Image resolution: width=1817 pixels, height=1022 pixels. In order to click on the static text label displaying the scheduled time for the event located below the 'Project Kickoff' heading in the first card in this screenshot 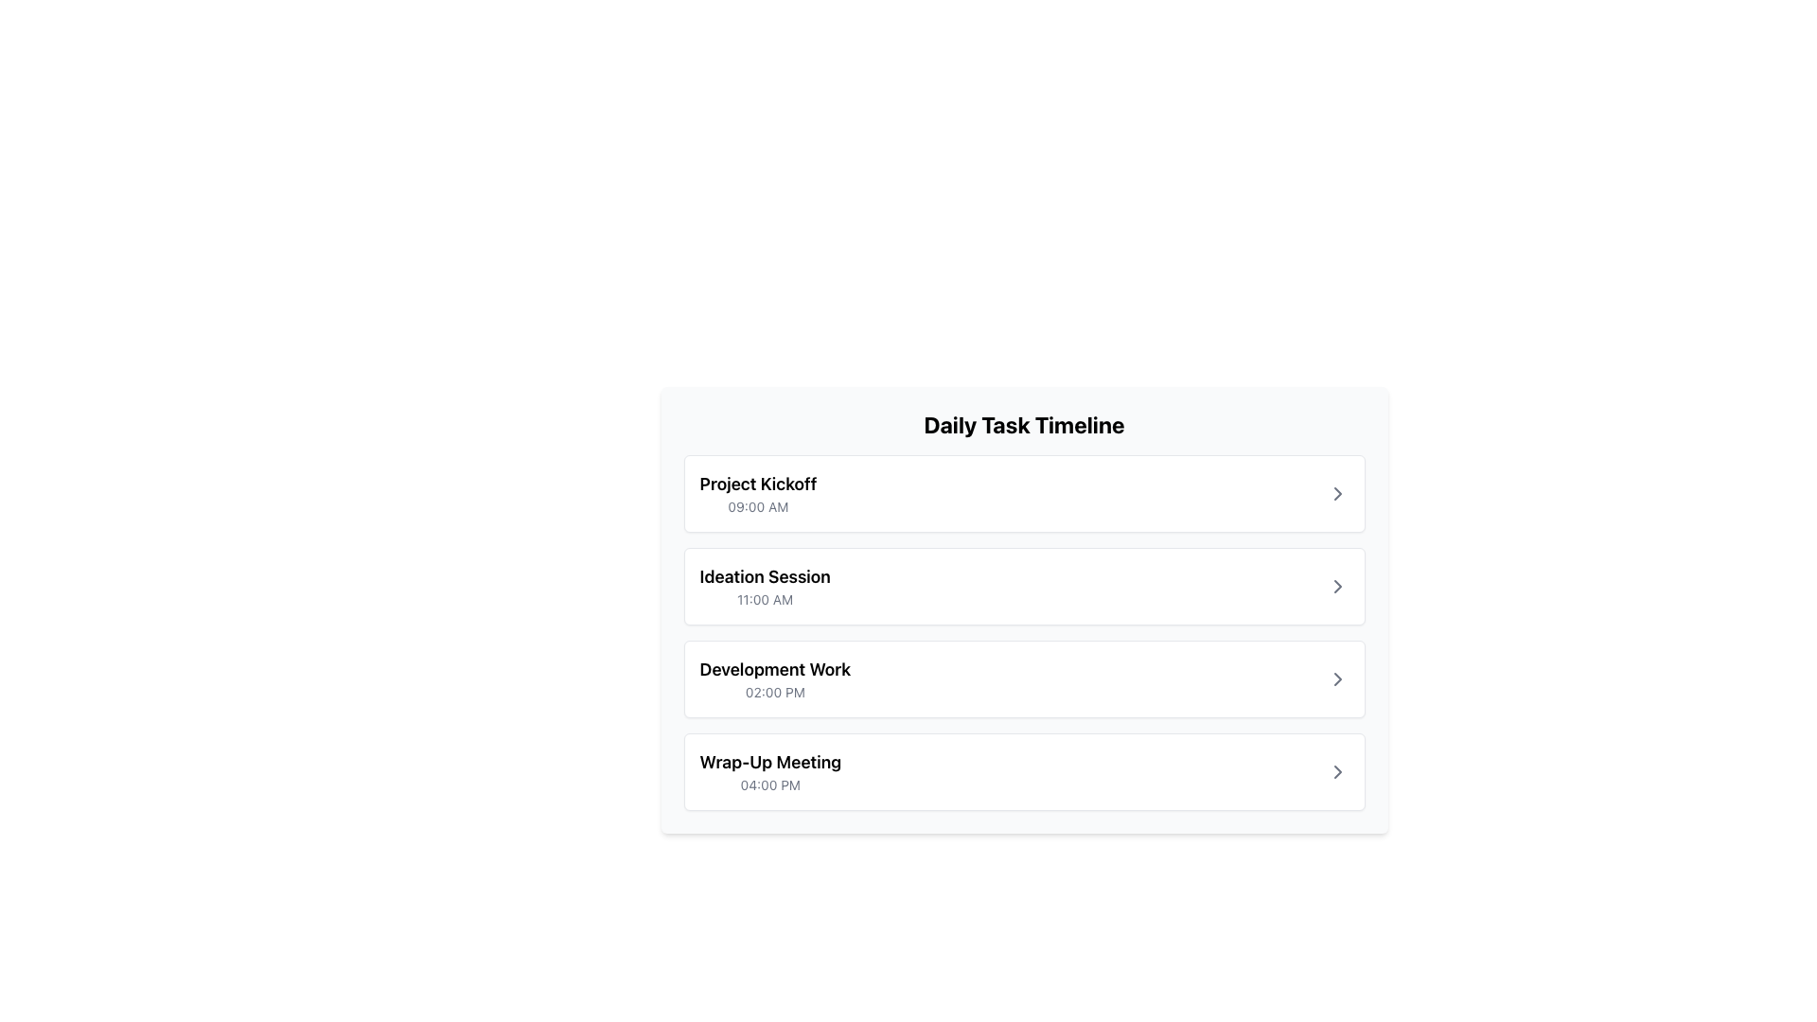, I will do `click(758, 506)`.